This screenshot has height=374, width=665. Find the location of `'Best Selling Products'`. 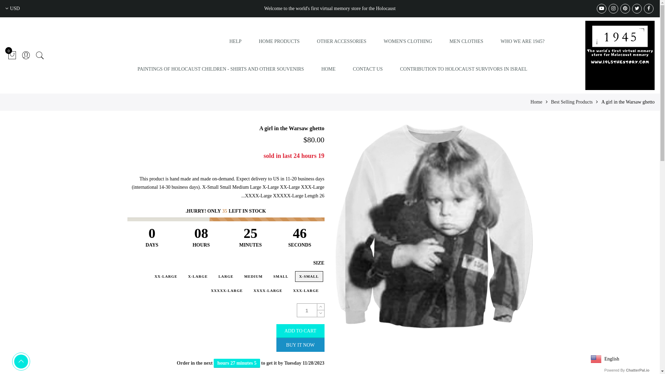

'Best Selling Products' is located at coordinates (572, 102).